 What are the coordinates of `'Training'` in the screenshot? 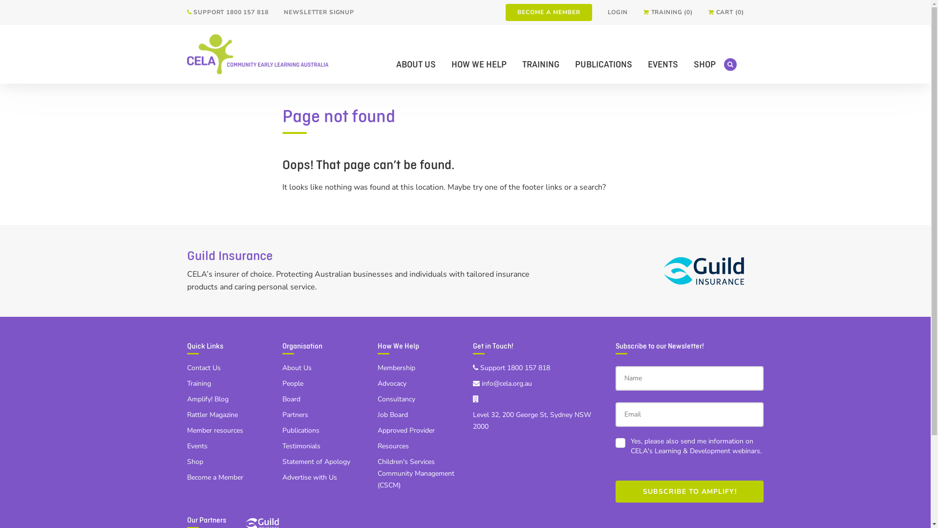 It's located at (198, 383).